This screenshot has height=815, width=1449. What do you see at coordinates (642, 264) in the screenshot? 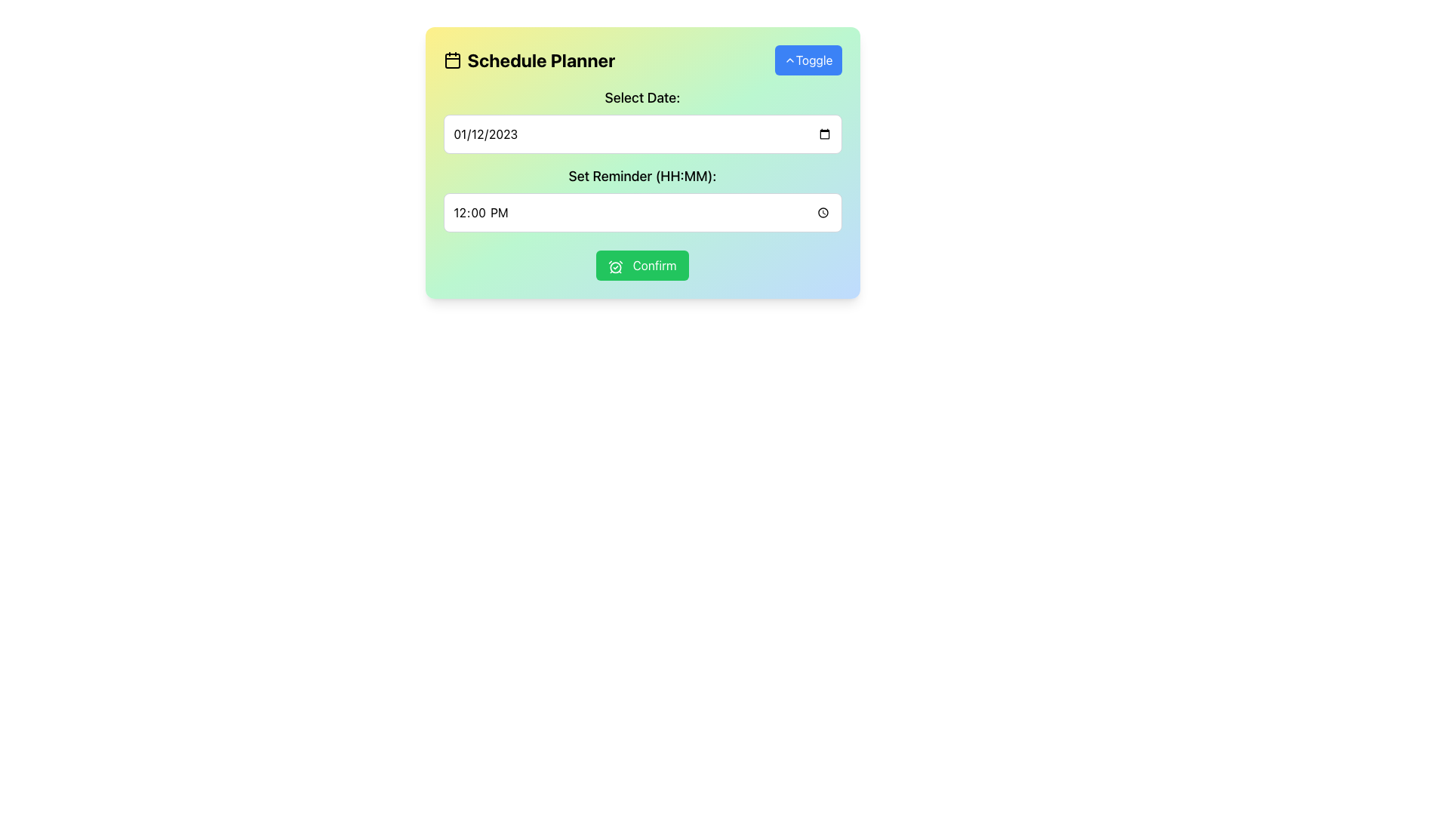
I see `the green confirmation button located at the bottom of the 'Schedule Planner' section to confirm the settings` at bounding box center [642, 264].